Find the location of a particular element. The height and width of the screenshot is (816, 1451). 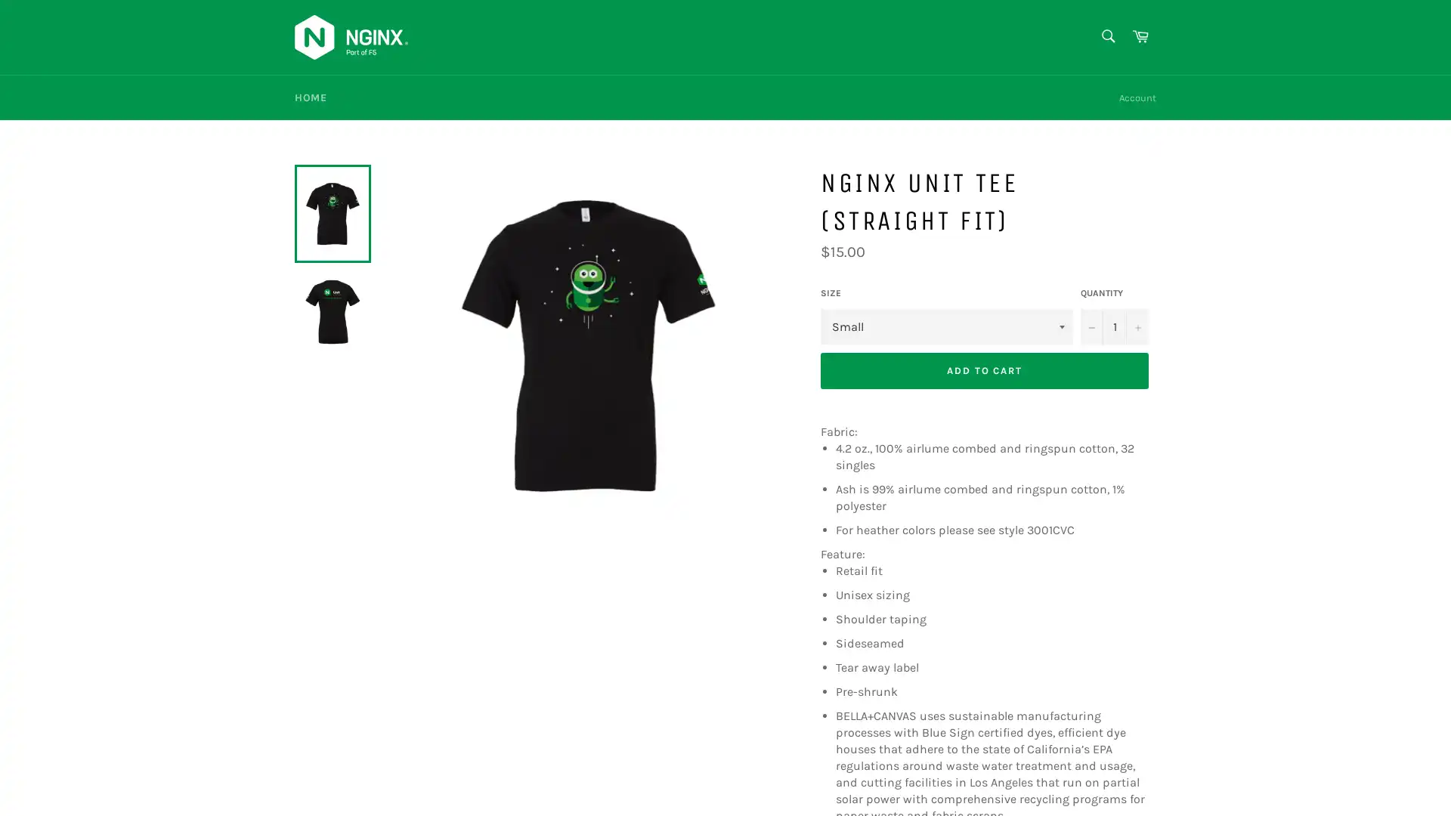

Reduce item quantity by one is located at coordinates (1091, 326).